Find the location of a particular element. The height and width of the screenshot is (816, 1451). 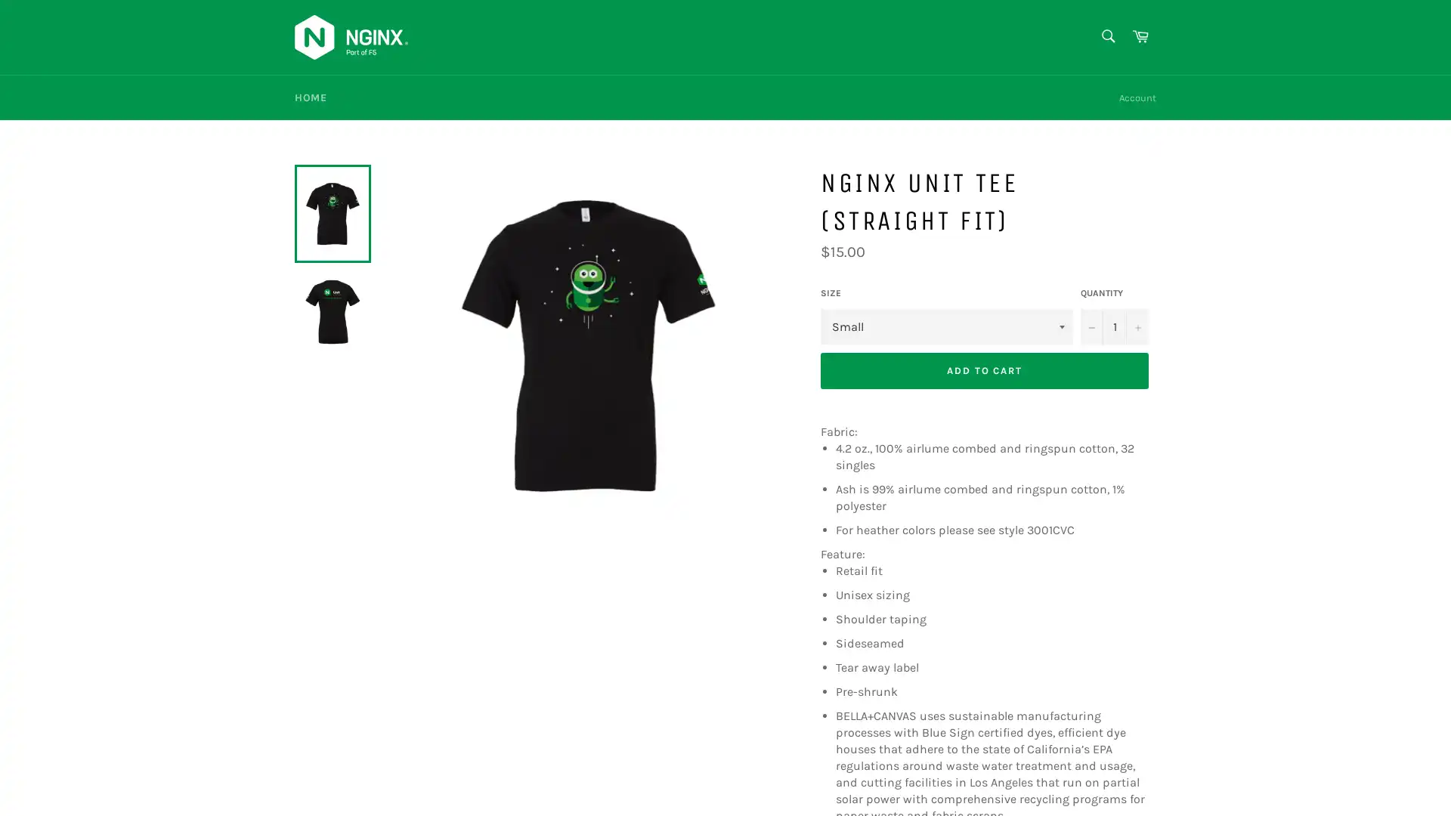

Reduce item quantity by one is located at coordinates (1091, 326).